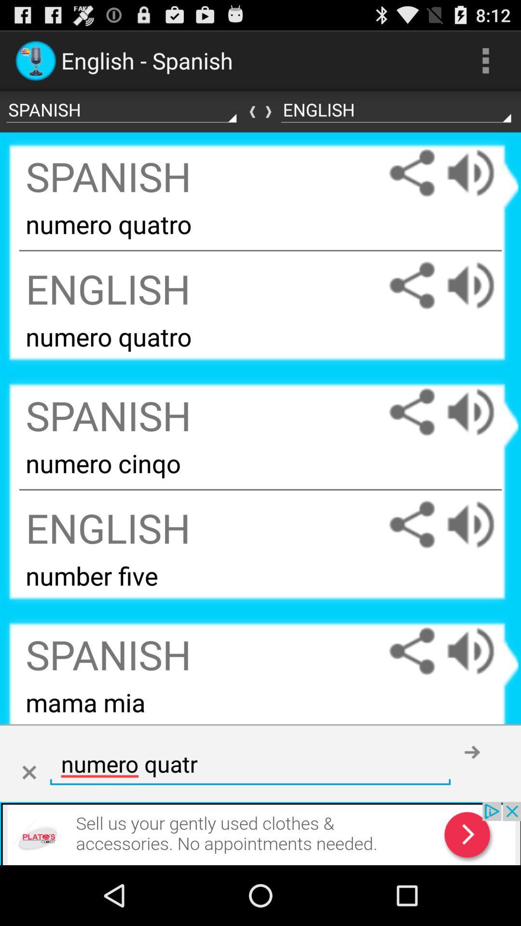 This screenshot has width=521, height=926. Describe the element at coordinates (480, 524) in the screenshot. I see `volume` at that location.